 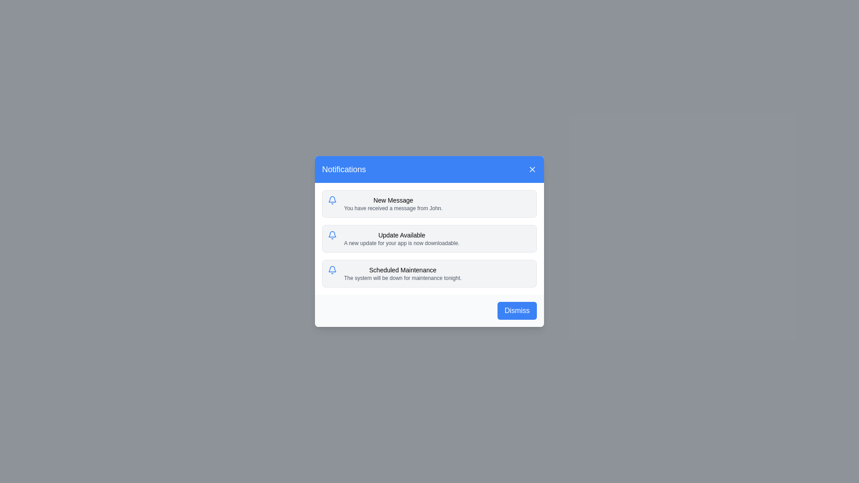 I want to click on the Close Button, which is a small button with an X icon located, so click(x=532, y=169).